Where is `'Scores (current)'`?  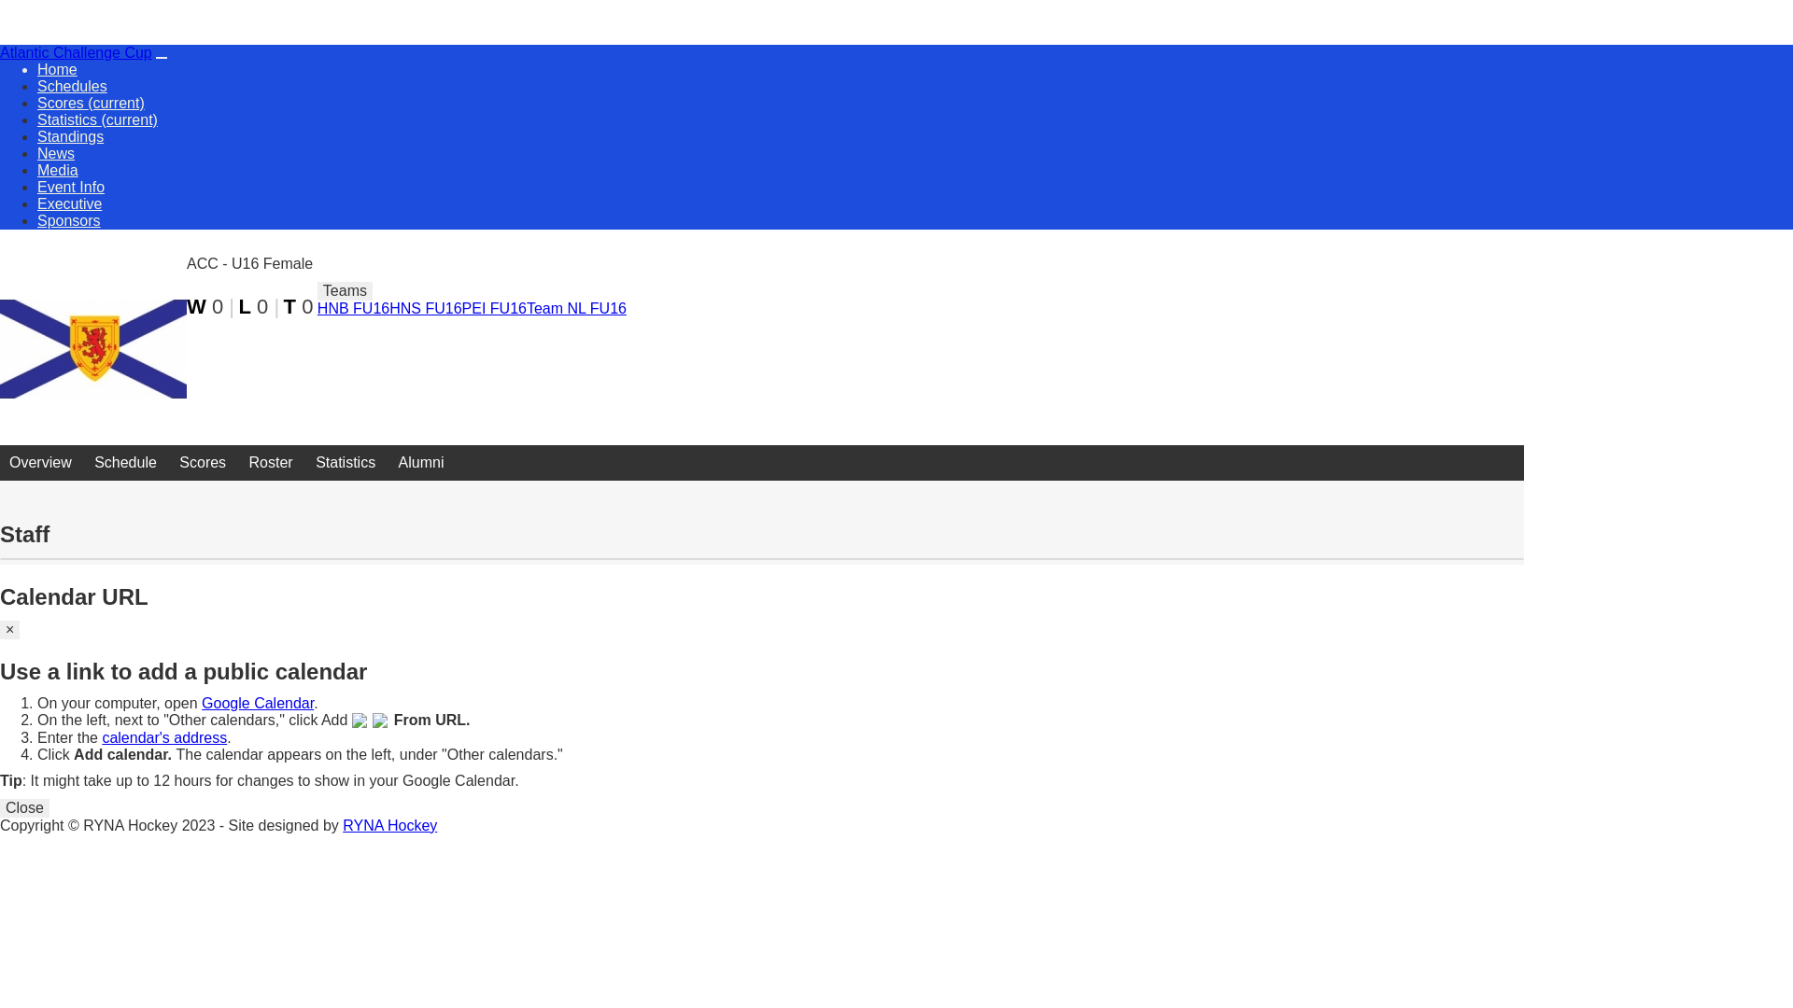
'Scores (current)' is located at coordinates (90, 103).